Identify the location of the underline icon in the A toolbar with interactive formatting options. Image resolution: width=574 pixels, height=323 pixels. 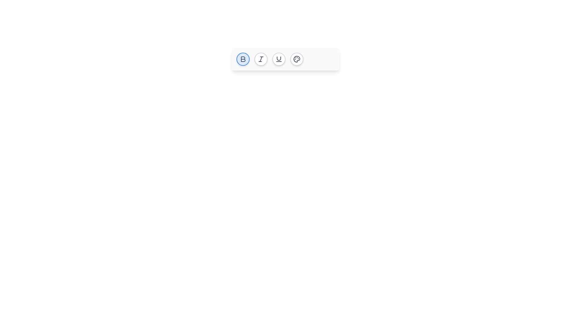
(285, 59).